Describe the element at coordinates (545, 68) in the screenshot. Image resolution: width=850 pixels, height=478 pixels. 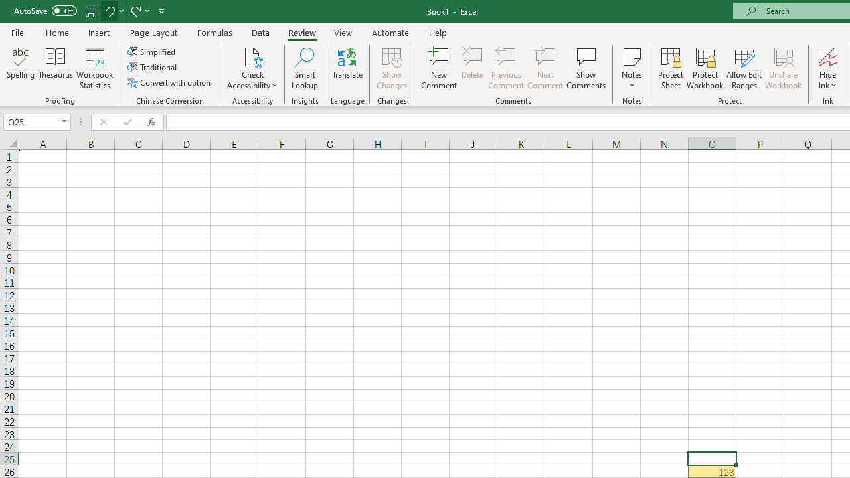
I see `'Next Comment'` at that location.